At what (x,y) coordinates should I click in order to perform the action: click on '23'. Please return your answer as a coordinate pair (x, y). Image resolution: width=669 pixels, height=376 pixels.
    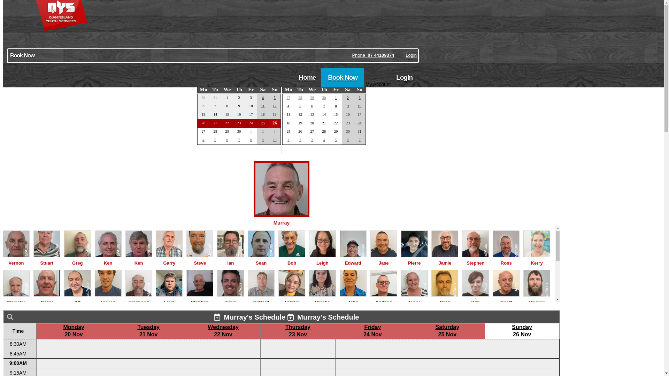
    Looking at the image, I should click on (346, 123).